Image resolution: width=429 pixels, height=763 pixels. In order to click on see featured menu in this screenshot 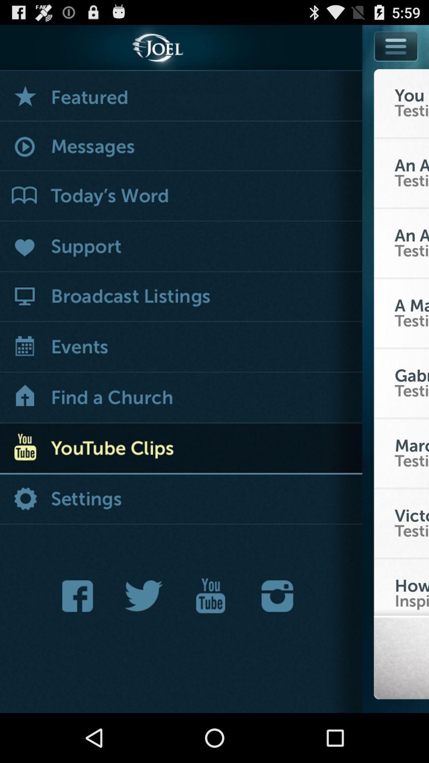, I will do `click(181, 96)`.